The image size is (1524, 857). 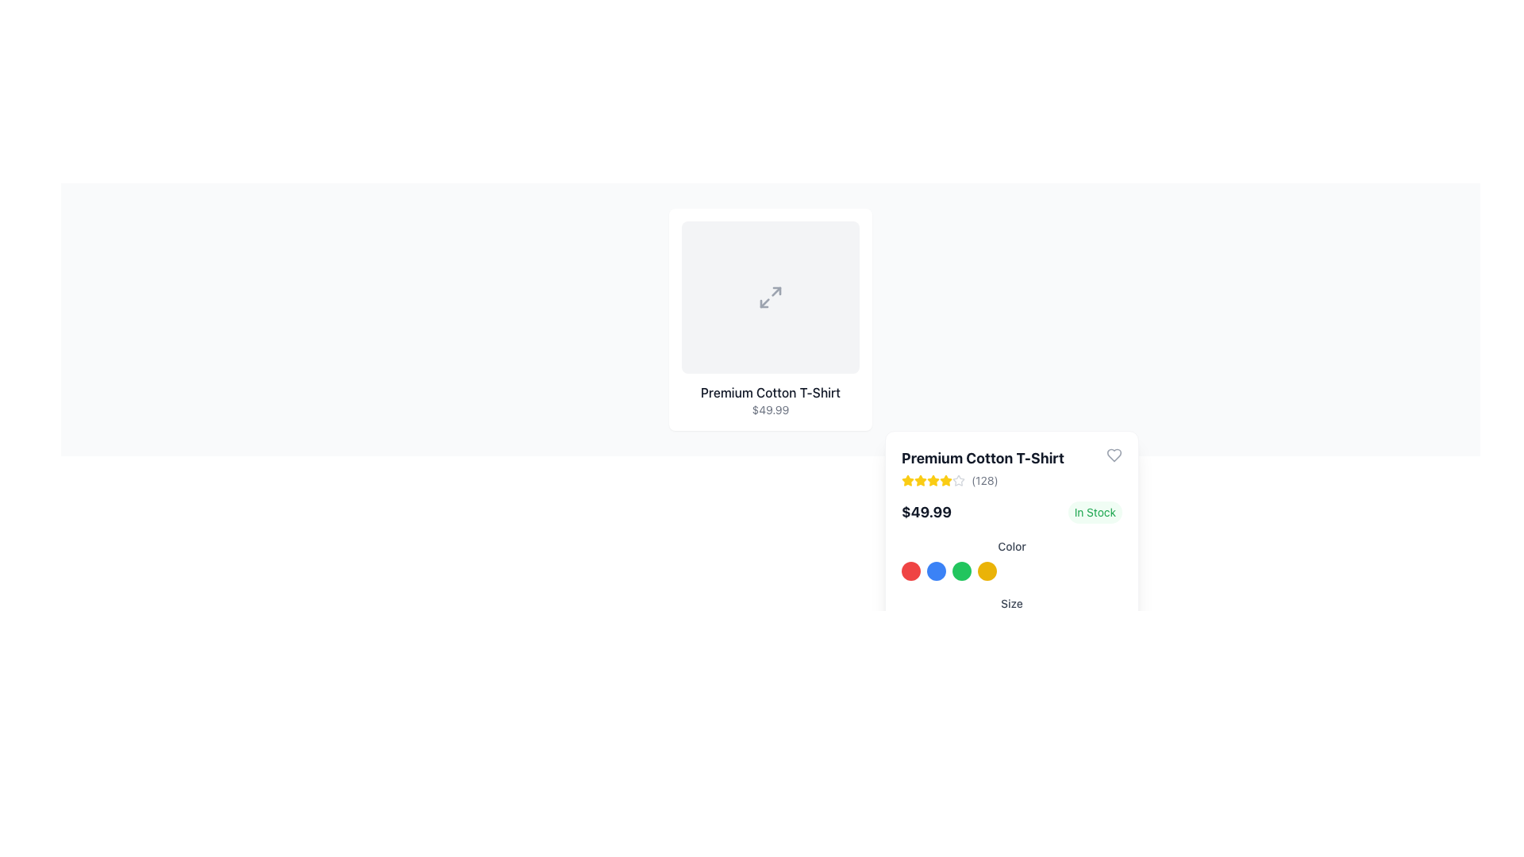 I want to click on the star icon representing part of the rating score located in the top-left corner of the product information card, so click(x=958, y=479).